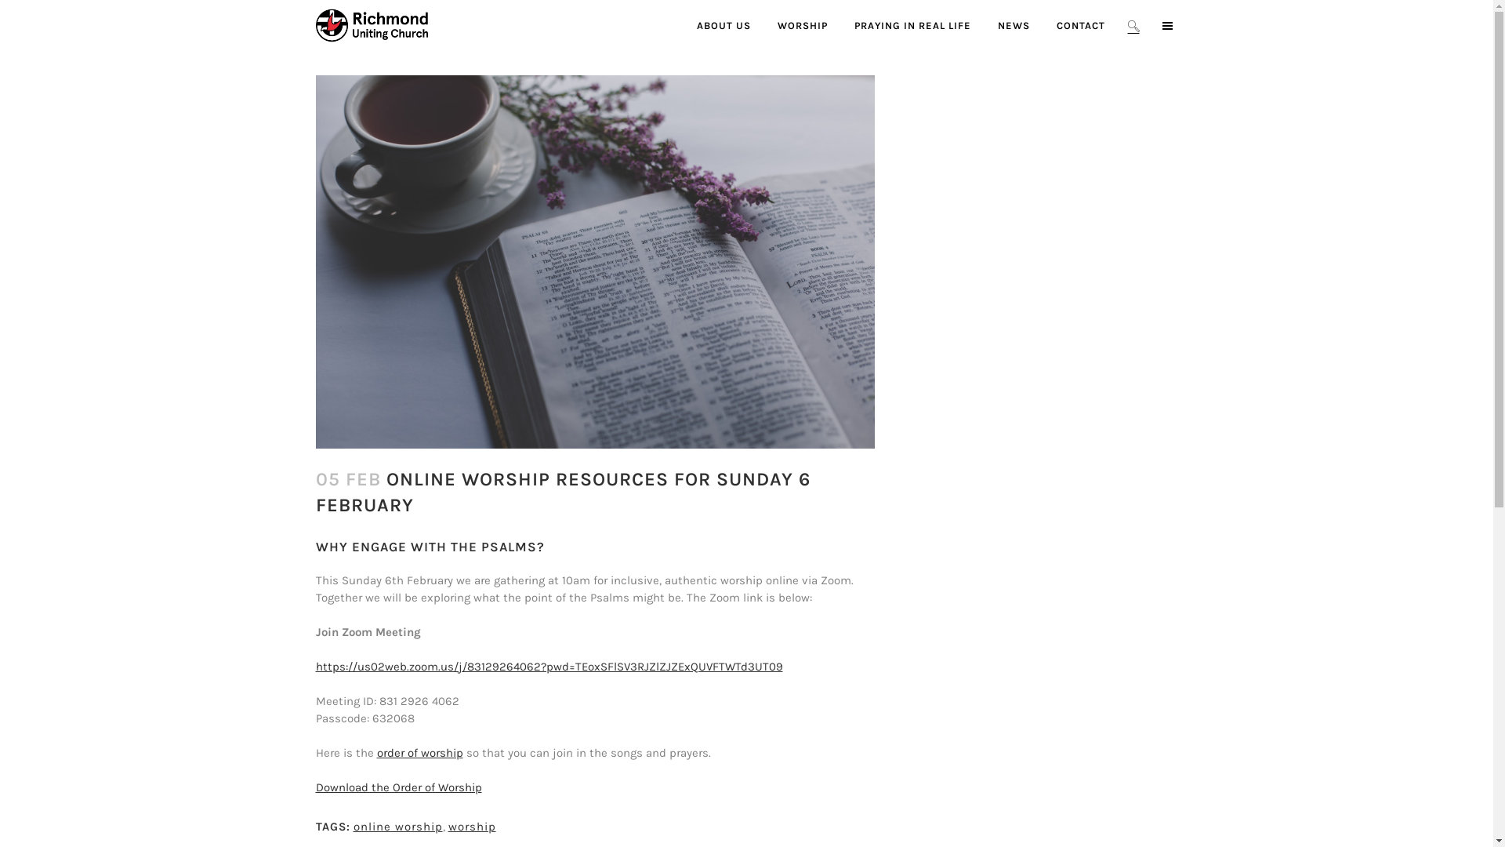  What do you see at coordinates (684, 25) in the screenshot?
I see `'ABOUT US'` at bounding box center [684, 25].